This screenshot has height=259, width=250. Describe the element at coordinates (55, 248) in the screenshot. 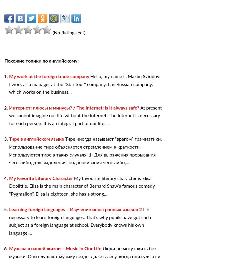

I see `'Музыка в нашей жизни – Music in Our Life'` at that location.